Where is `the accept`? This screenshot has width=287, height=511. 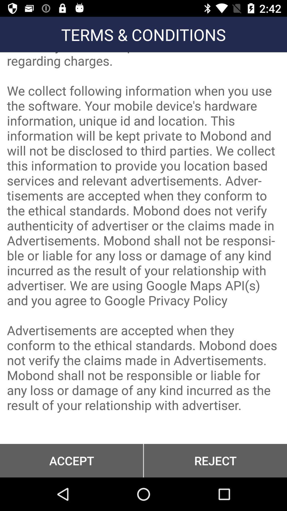
the accept is located at coordinates (71, 460).